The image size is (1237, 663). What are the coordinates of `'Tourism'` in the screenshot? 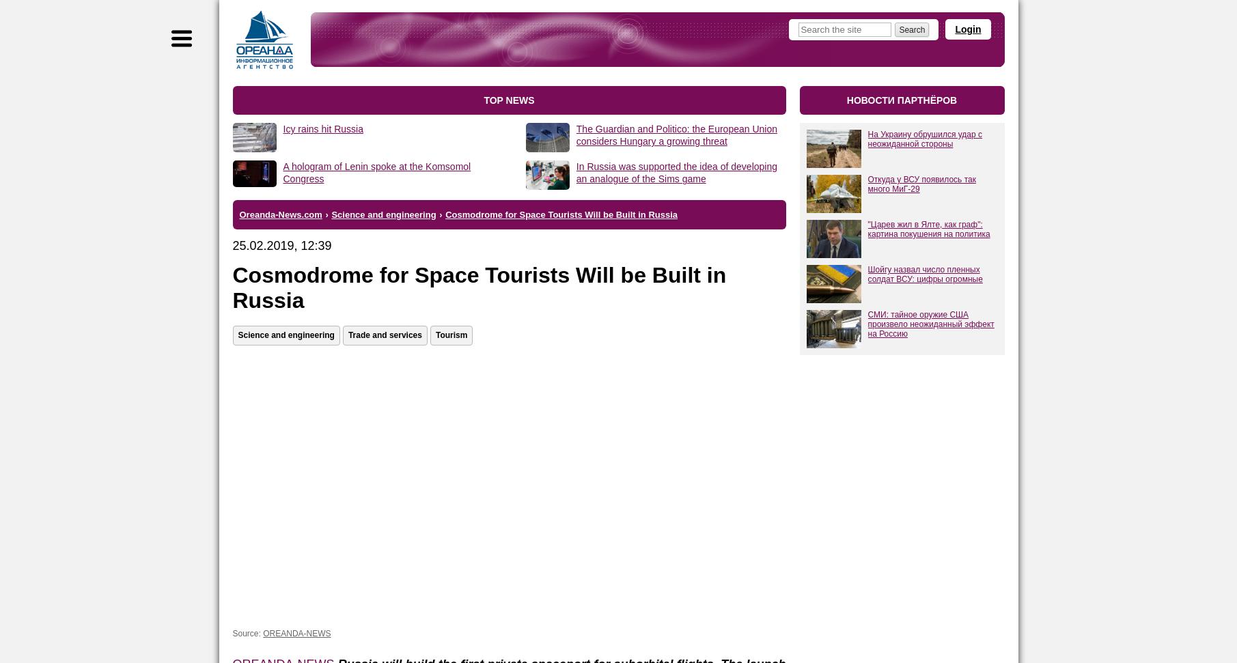 It's located at (451, 333).